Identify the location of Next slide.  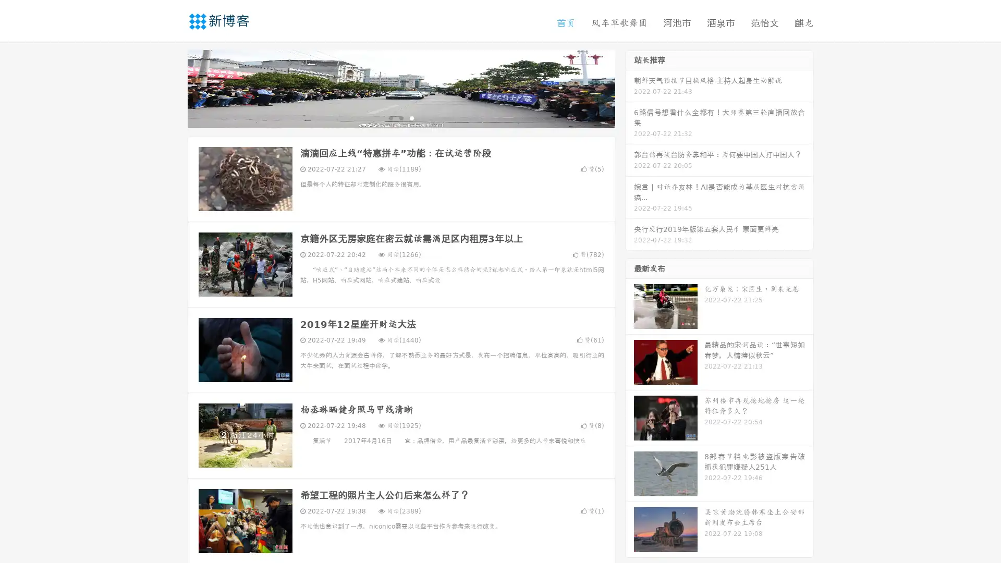
(630, 88).